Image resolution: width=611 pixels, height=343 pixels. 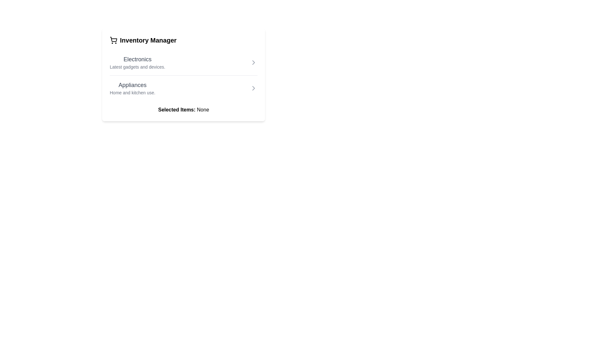 I want to click on the 'Appliances' navigation link, which is the second item in the Inventory Manager, so click(x=183, y=88).